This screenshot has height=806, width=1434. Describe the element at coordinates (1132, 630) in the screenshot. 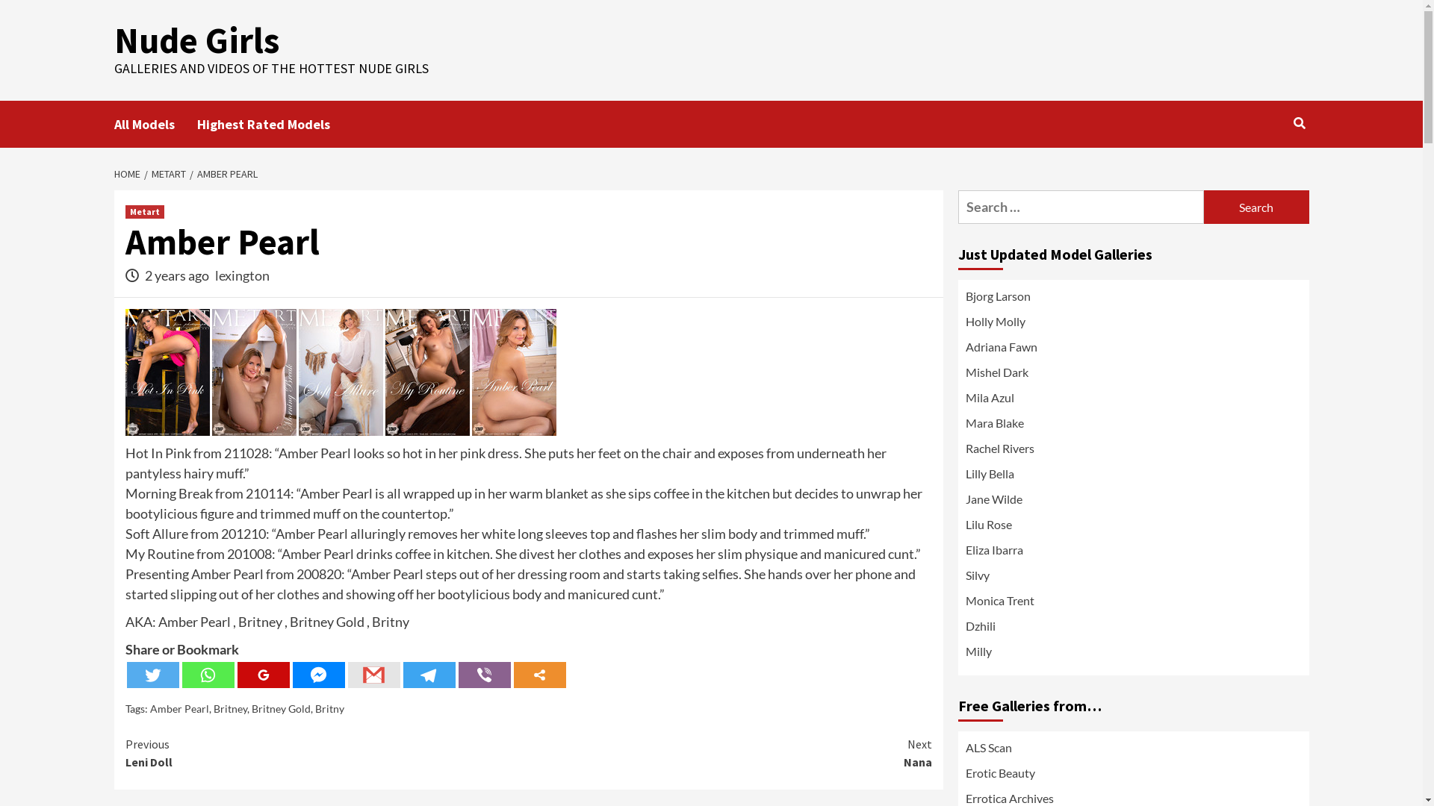

I see `'Dzhili'` at that location.